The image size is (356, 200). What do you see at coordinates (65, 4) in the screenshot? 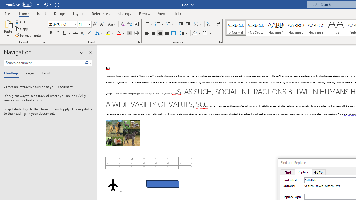
I see `'Customize Quick Access Toolbar'` at bounding box center [65, 4].